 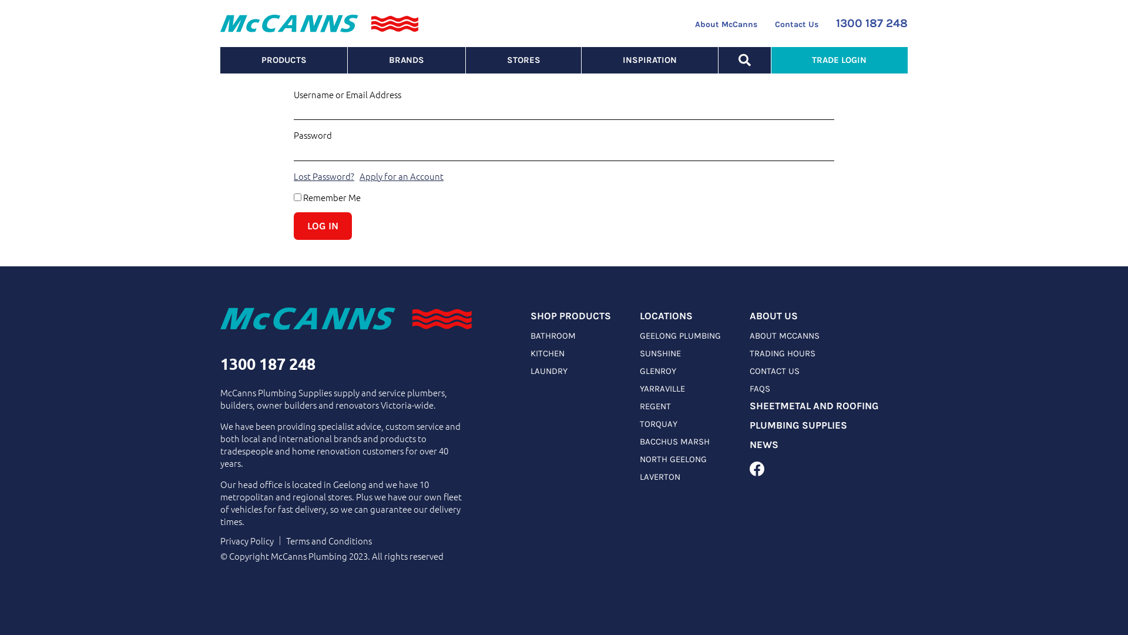 What do you see at coordinates (760, 388) in the screenshot?
I see `'FAQS'` at bounding box center [760, 388].